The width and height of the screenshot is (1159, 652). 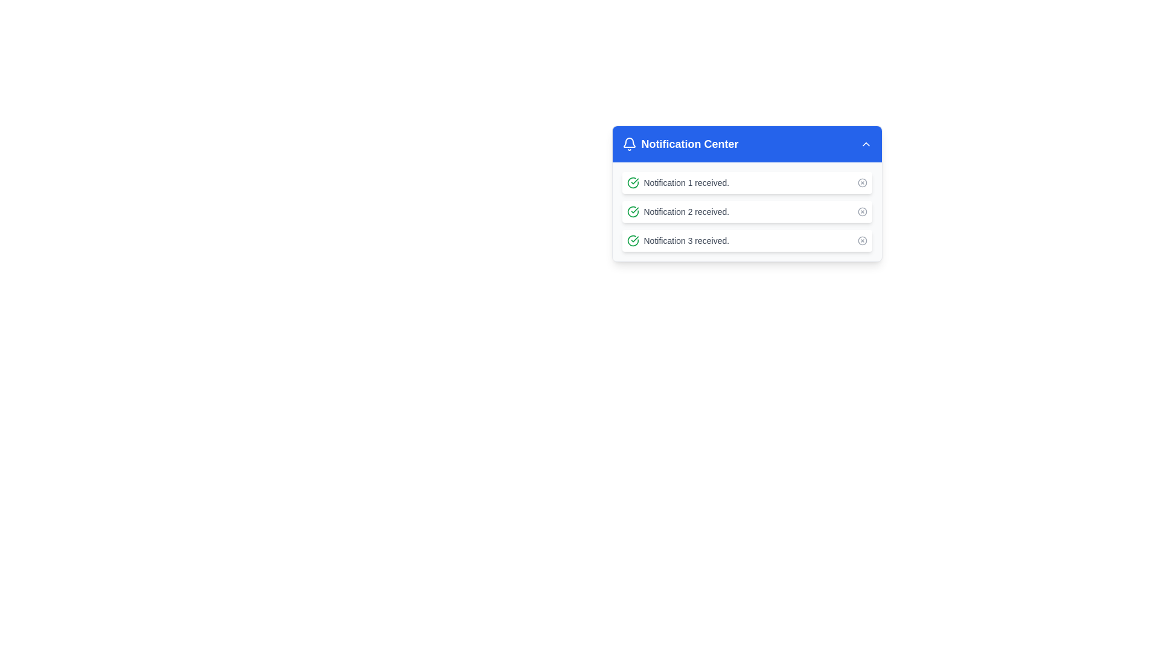 I want to click on the small circular dismiss button with an 'X' icon located on the far right of the 'Notification 1 received.' row, so click(x=861, y=183).